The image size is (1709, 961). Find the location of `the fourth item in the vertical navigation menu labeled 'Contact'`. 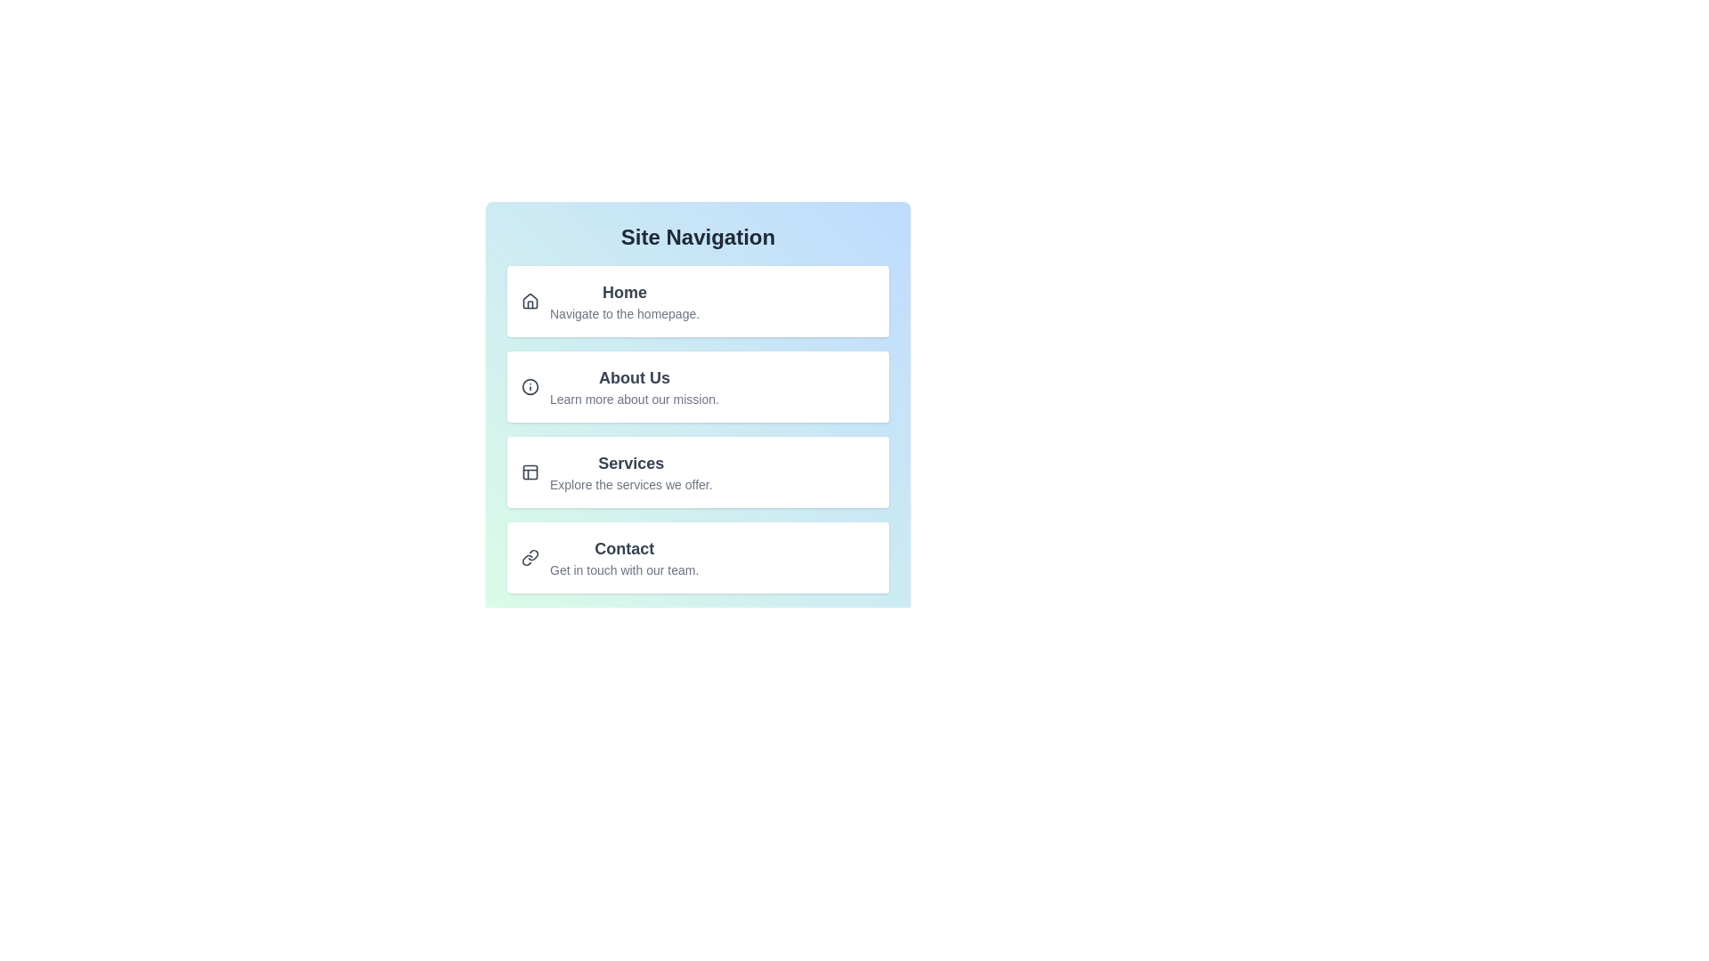

the fourth item in the vertical navigation menu labeled 'Contact' is located at coordinates (697, 557).